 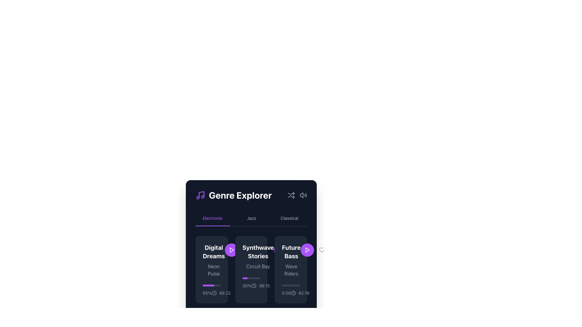 What do you see at coordinates (291, 195) in the screenshot?
I see `the shuffle mode icon button located in the header toolbar of the 'Genre Explorer' module to observe the color change` at bounding box center [291, 195].